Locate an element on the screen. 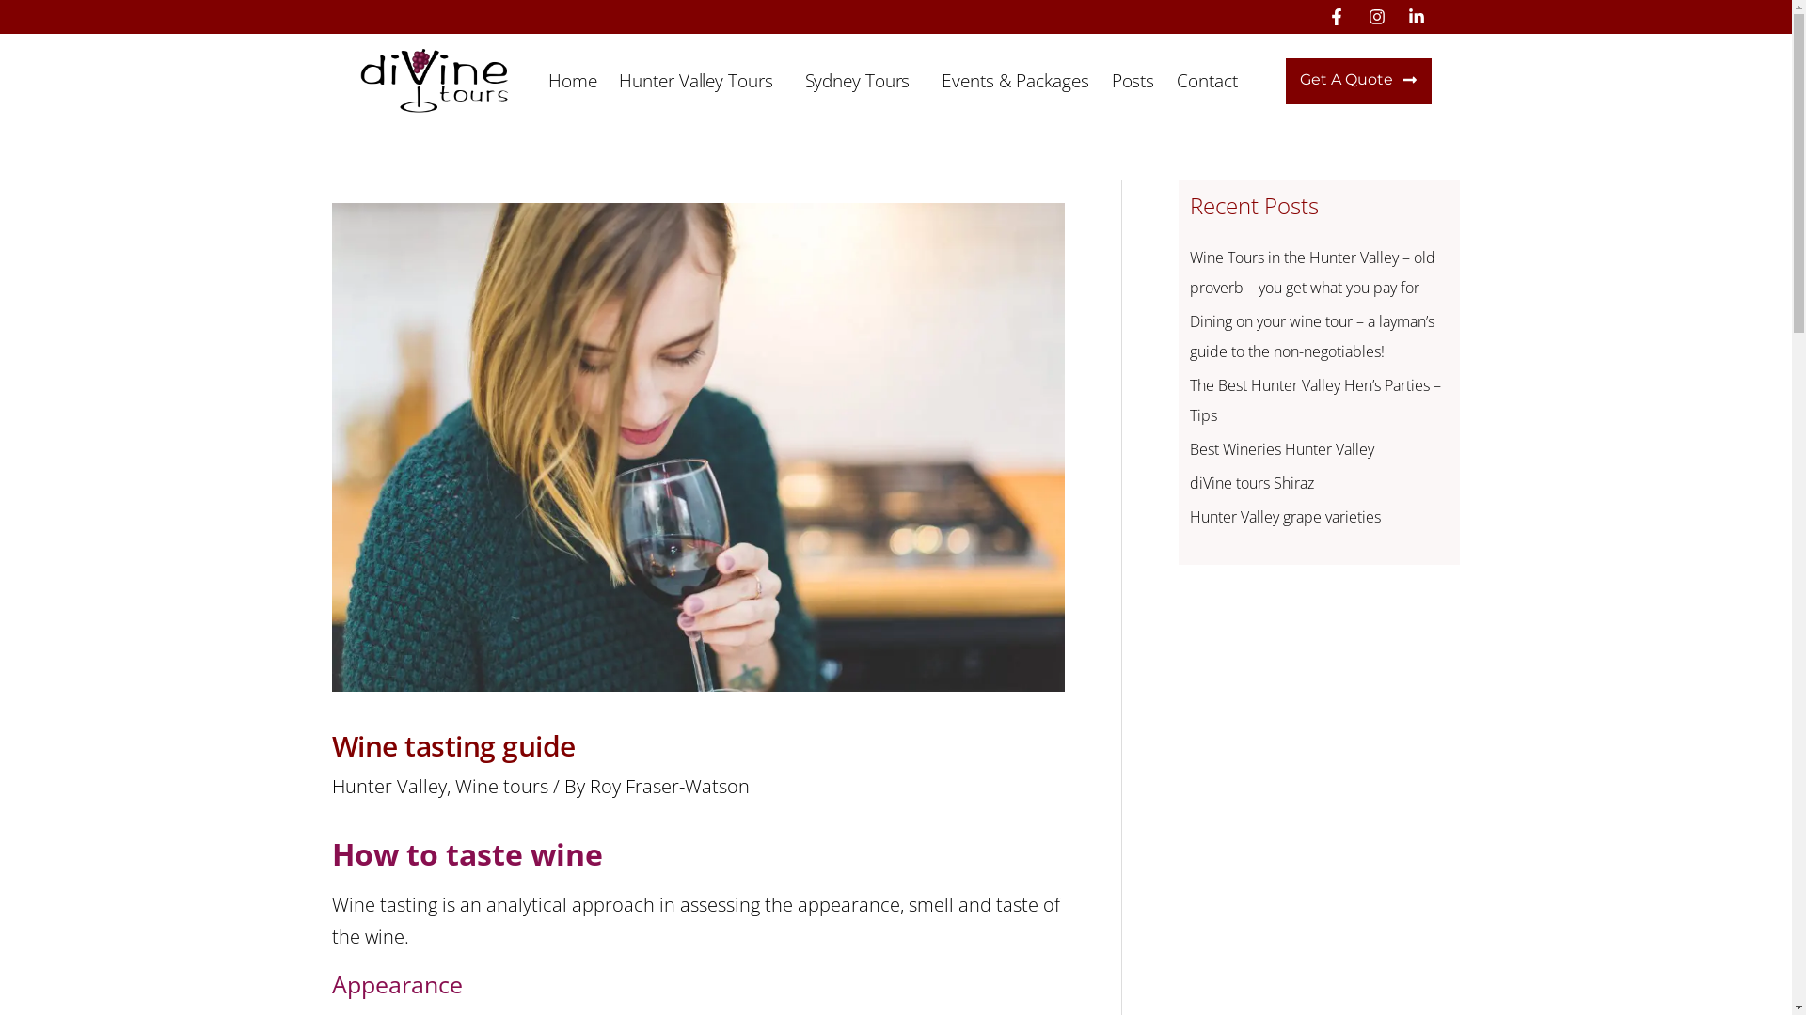 The width and height of the screenshot is (1806, 1015). 'Sydney Tours' is located at coordinates (861, 79).